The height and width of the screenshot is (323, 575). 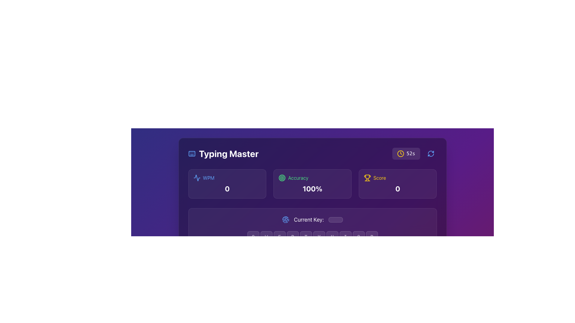 What do you see at coordinates (282, 177) in the screenshot?
I see `the outer circle of the concentric circles in the 'Accuracy' section of the upper panel, which represents a target or bullseye for precision` at bounding box center [282, 177].